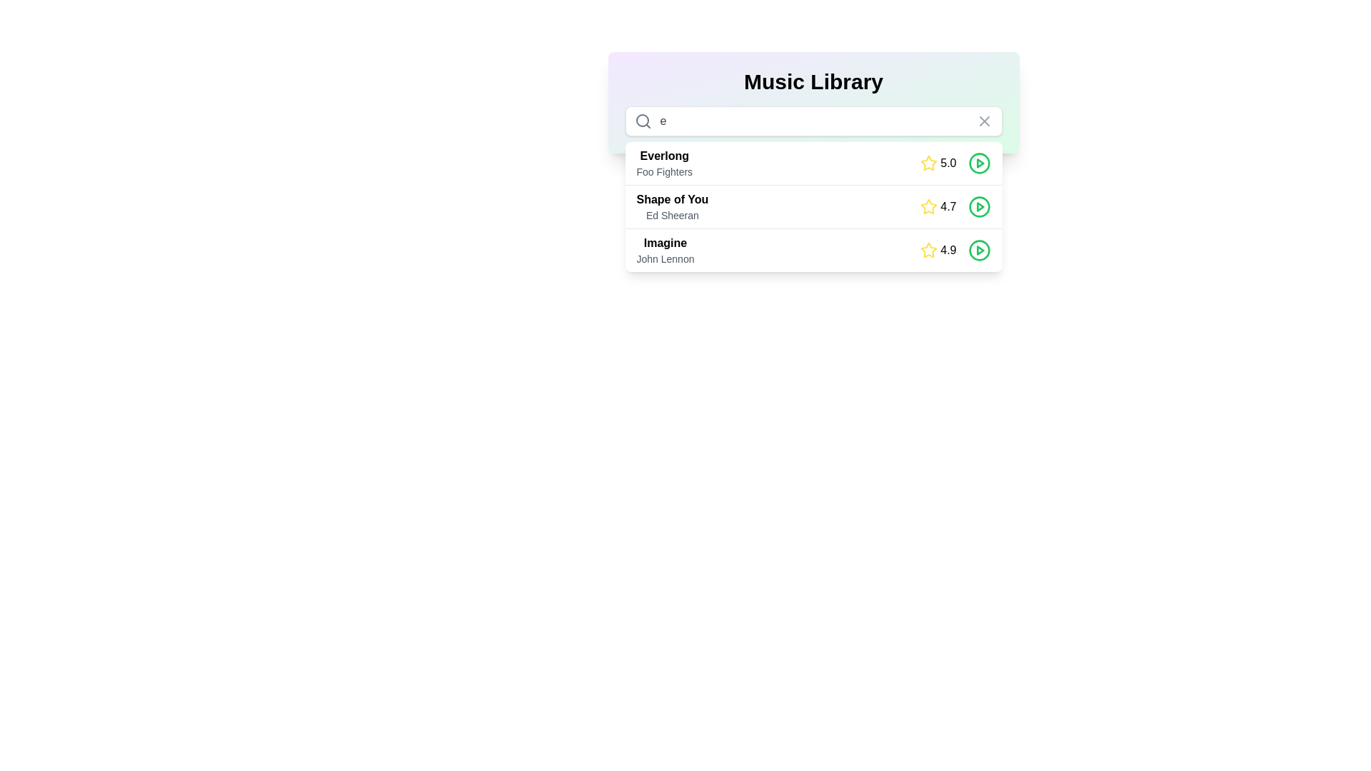  Describe the element at coordinates (663, 171) in the screenshot. I see `the text label displaying the artist or group associated with the song 'Everlong' in the 'Music Library' menu` at that location.